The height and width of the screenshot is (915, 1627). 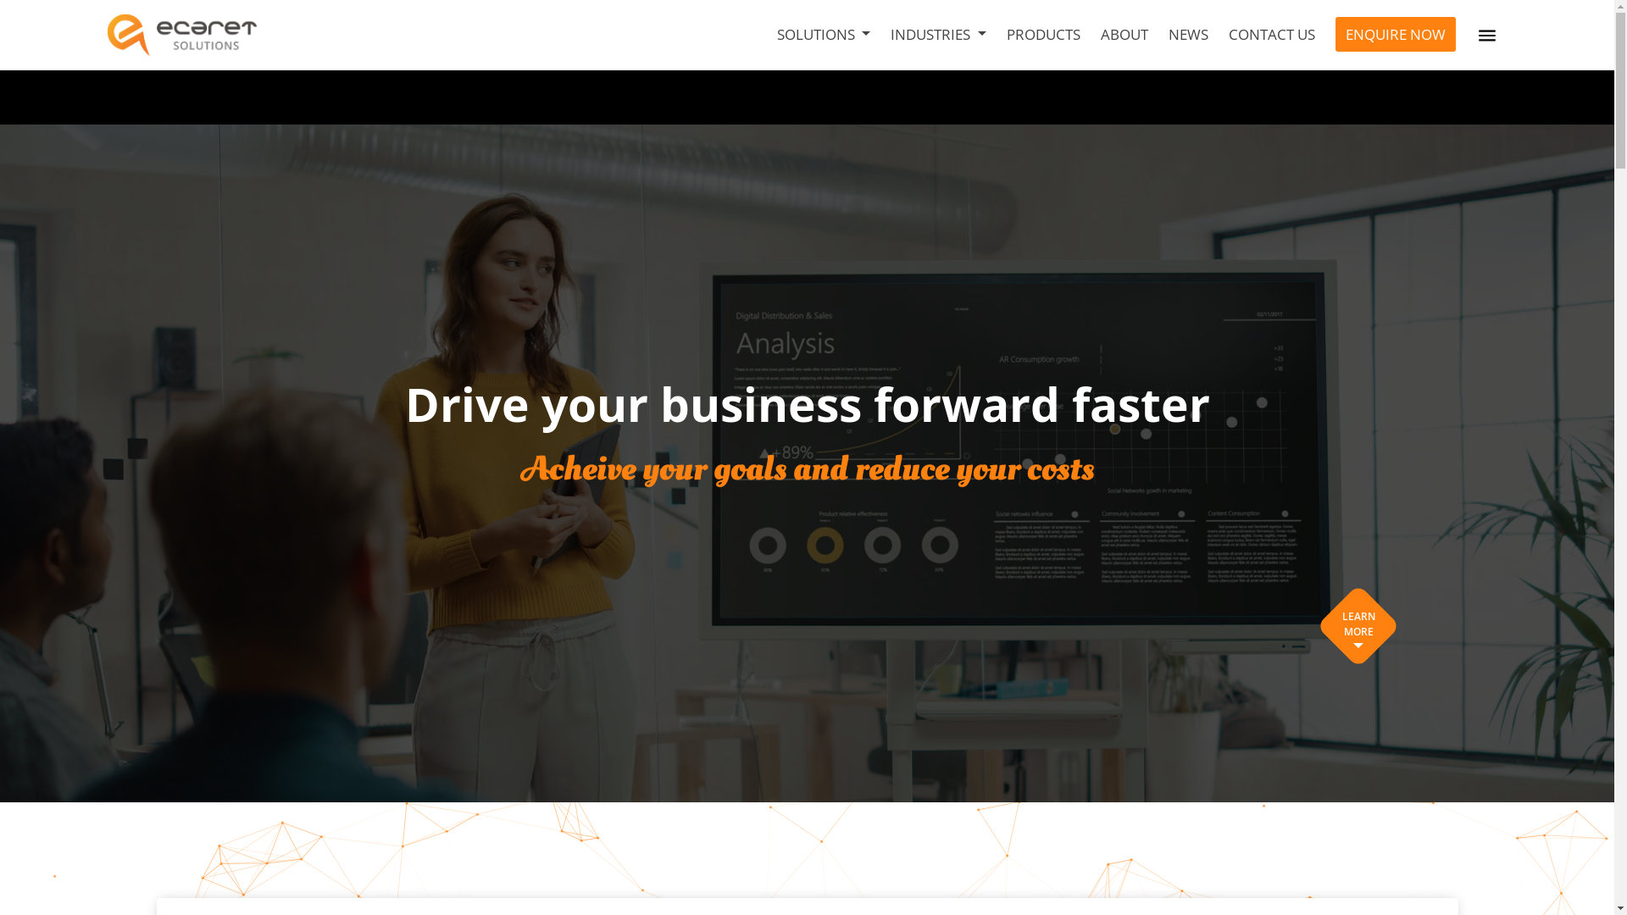 What do you see at coordinates (1272, 35) in the screenshot?
I see `'CONTACT US'` at bounding box center [1272, 35].